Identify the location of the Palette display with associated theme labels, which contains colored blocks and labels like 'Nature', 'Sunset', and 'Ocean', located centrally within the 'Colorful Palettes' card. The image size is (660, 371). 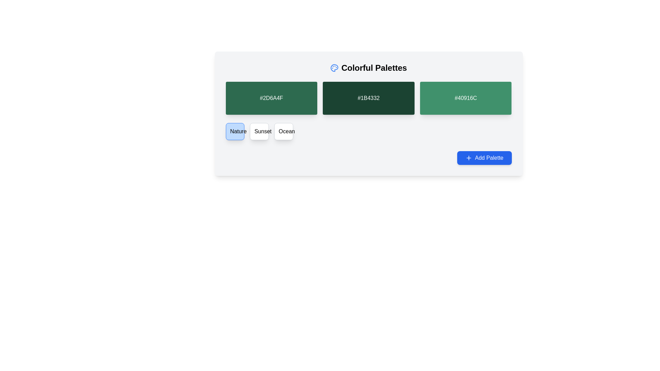
(368, 123).